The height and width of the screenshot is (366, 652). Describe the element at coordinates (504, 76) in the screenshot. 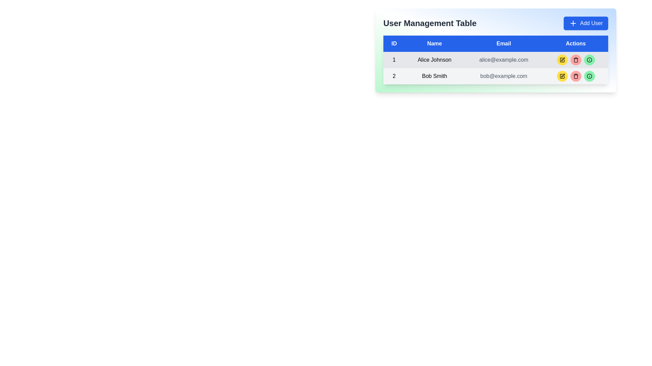

I see `the email address displayed for user 'Bob Smith'` at that location.